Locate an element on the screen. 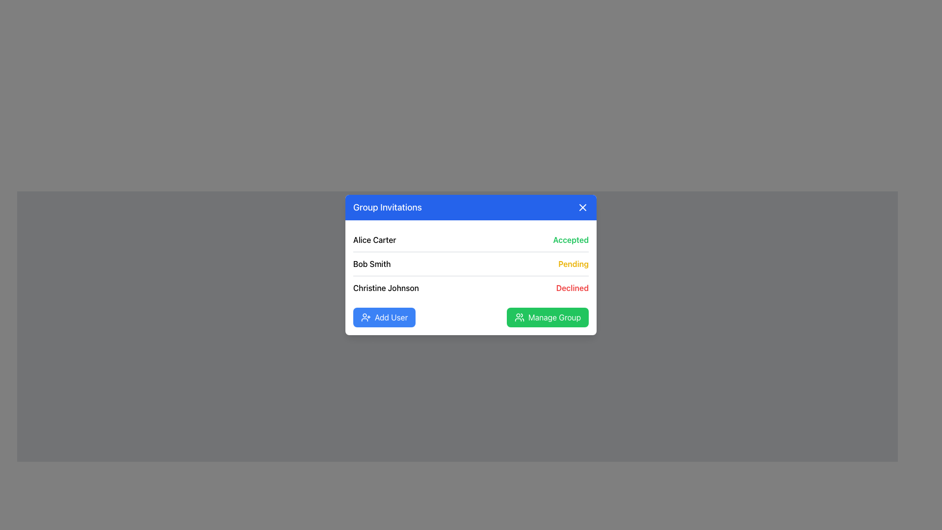 The image size is (942, 530). the text label 'Christine Johnson' in the group invitations list to identify the person with the status 'Declined' is located at coordinates (386, 287).